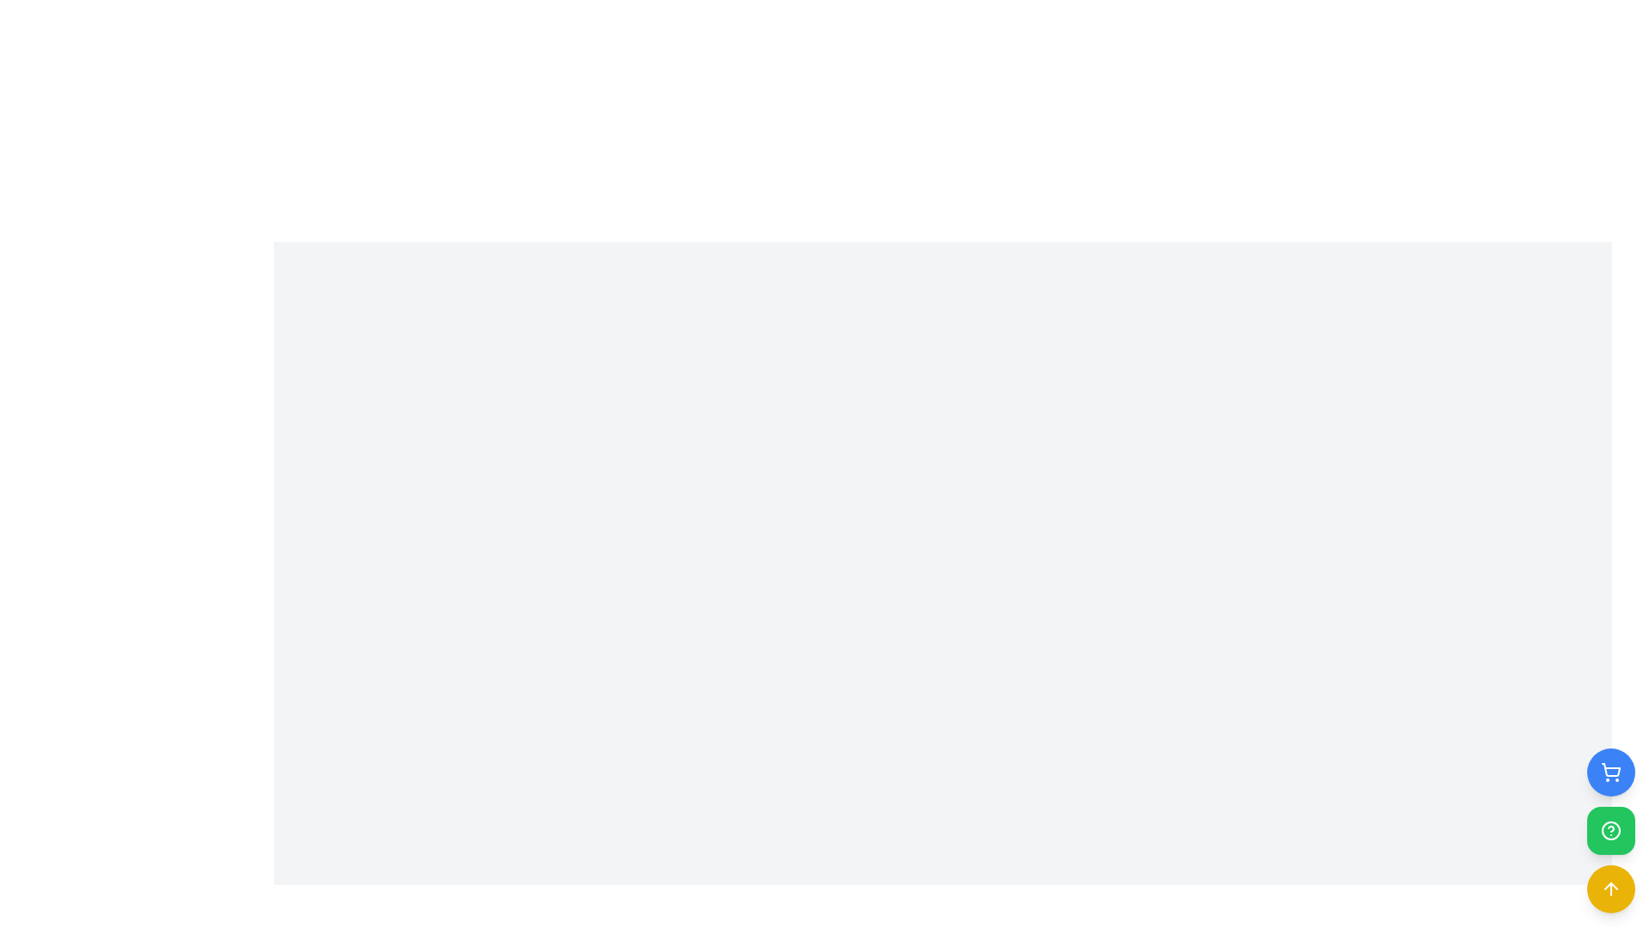 Image resolution: width=1649 pixels, height=927 pixels. What do you see at coordinates (1610, 830) in the screenshot?
I see `the middle green button with a question mark icon in a vertically-aligned sequence of three circular buttons located in the bottom-right corner of the interface` at bounding box center [1610, 830].